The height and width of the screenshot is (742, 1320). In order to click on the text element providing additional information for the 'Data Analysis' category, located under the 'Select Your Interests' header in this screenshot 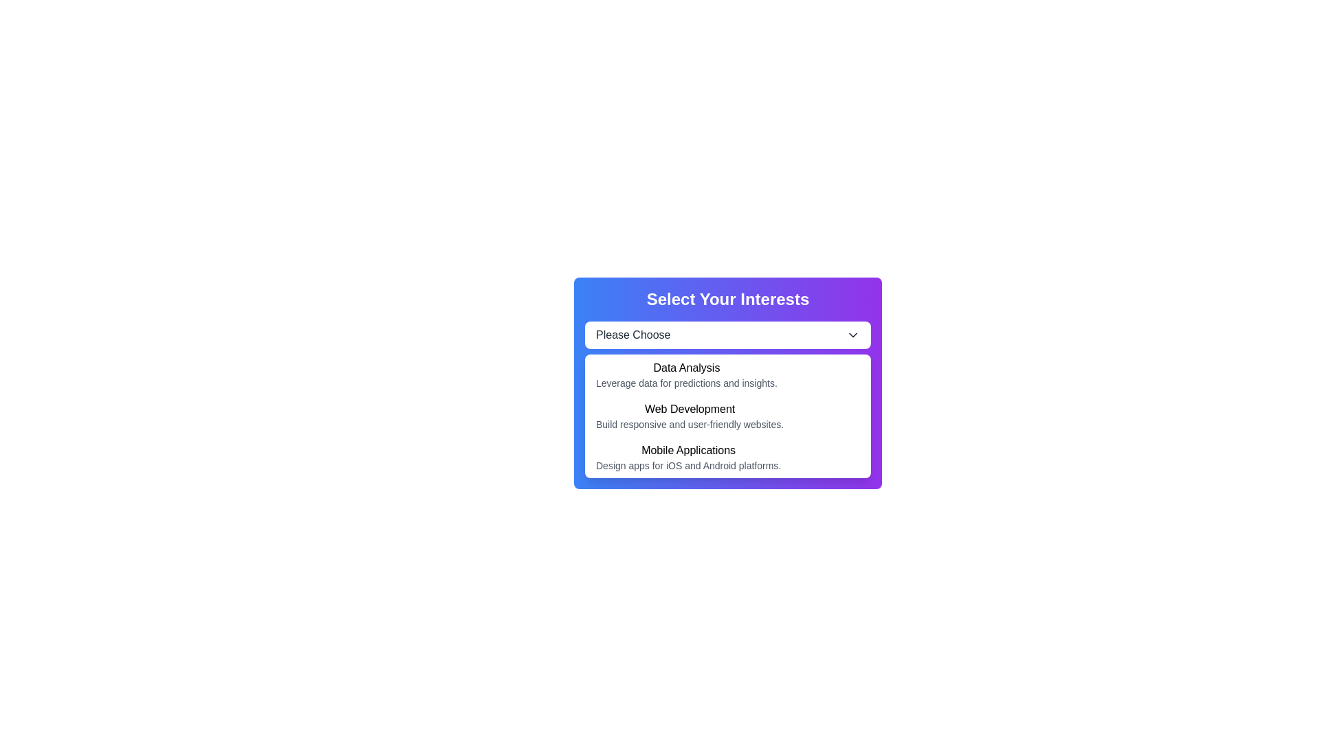, I will do `click(686, 383)`.